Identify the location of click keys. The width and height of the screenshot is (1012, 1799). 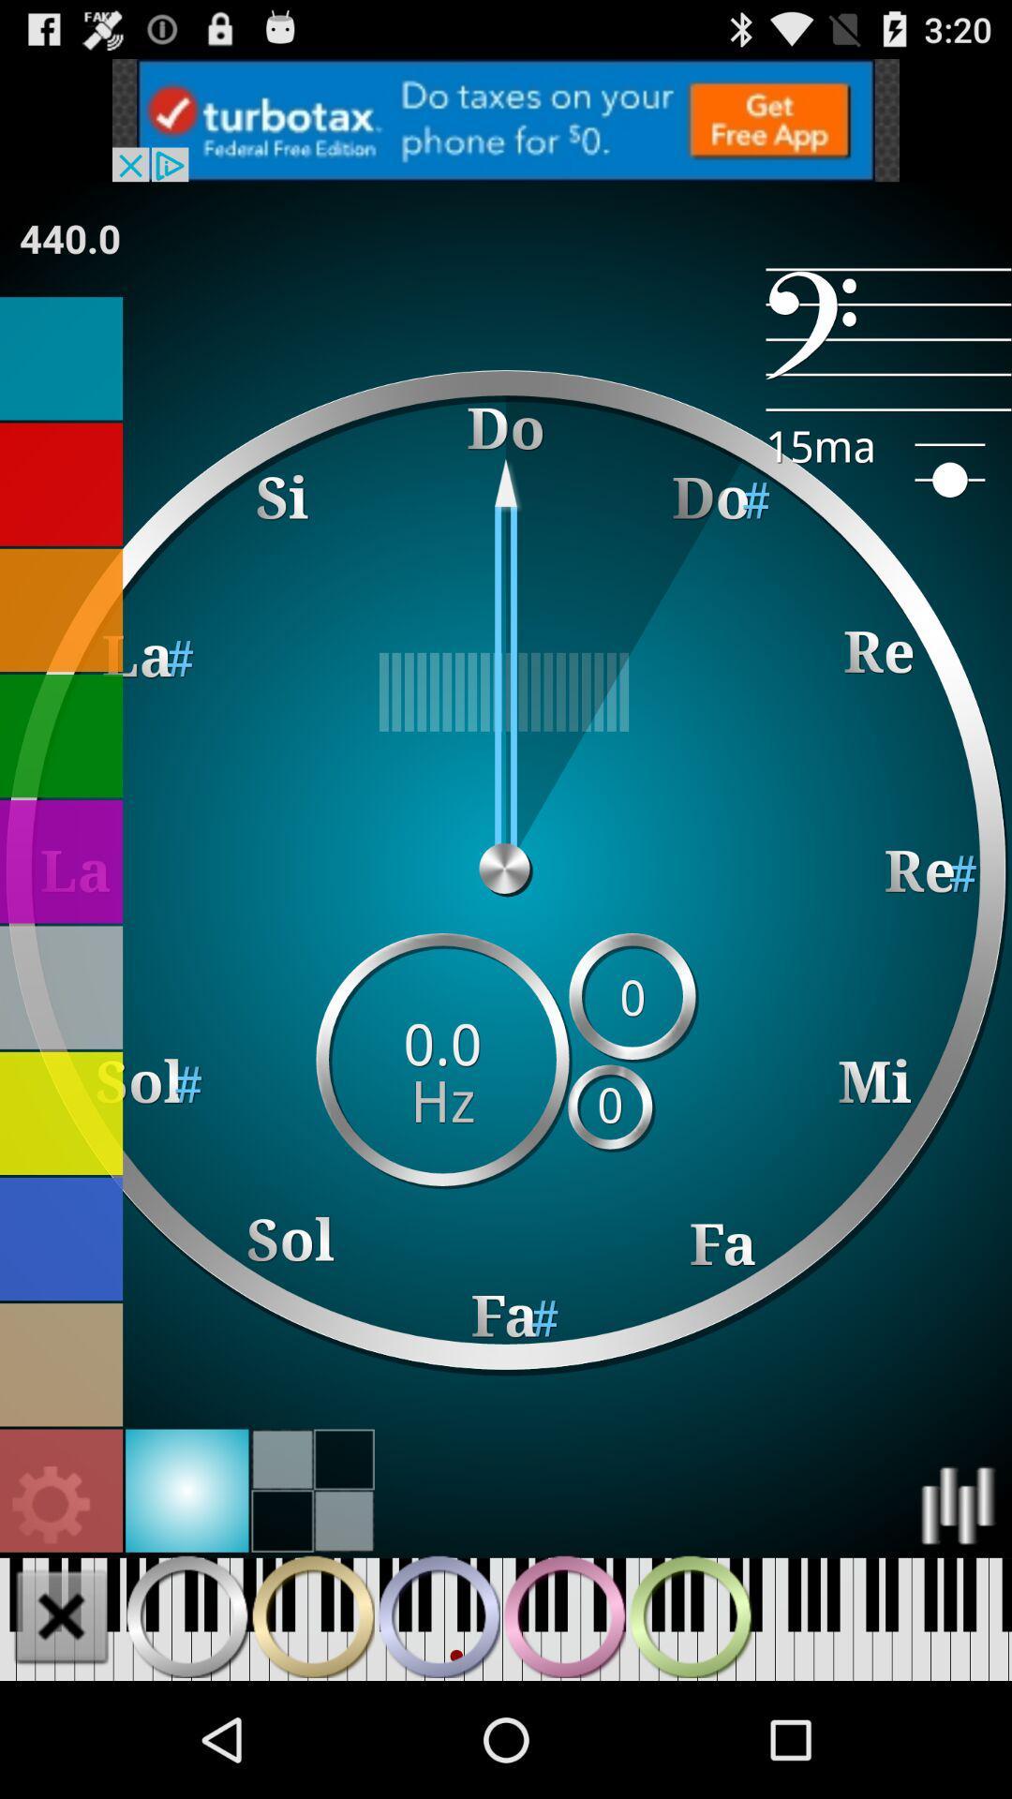
(312, 1615).